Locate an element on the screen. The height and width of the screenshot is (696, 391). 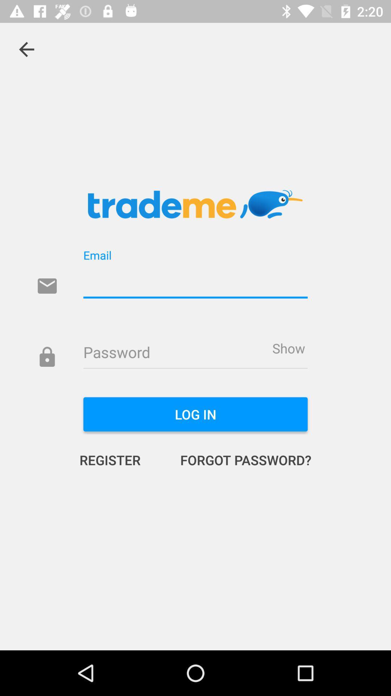
the icon below log in item is located at coordinates (238, 459).